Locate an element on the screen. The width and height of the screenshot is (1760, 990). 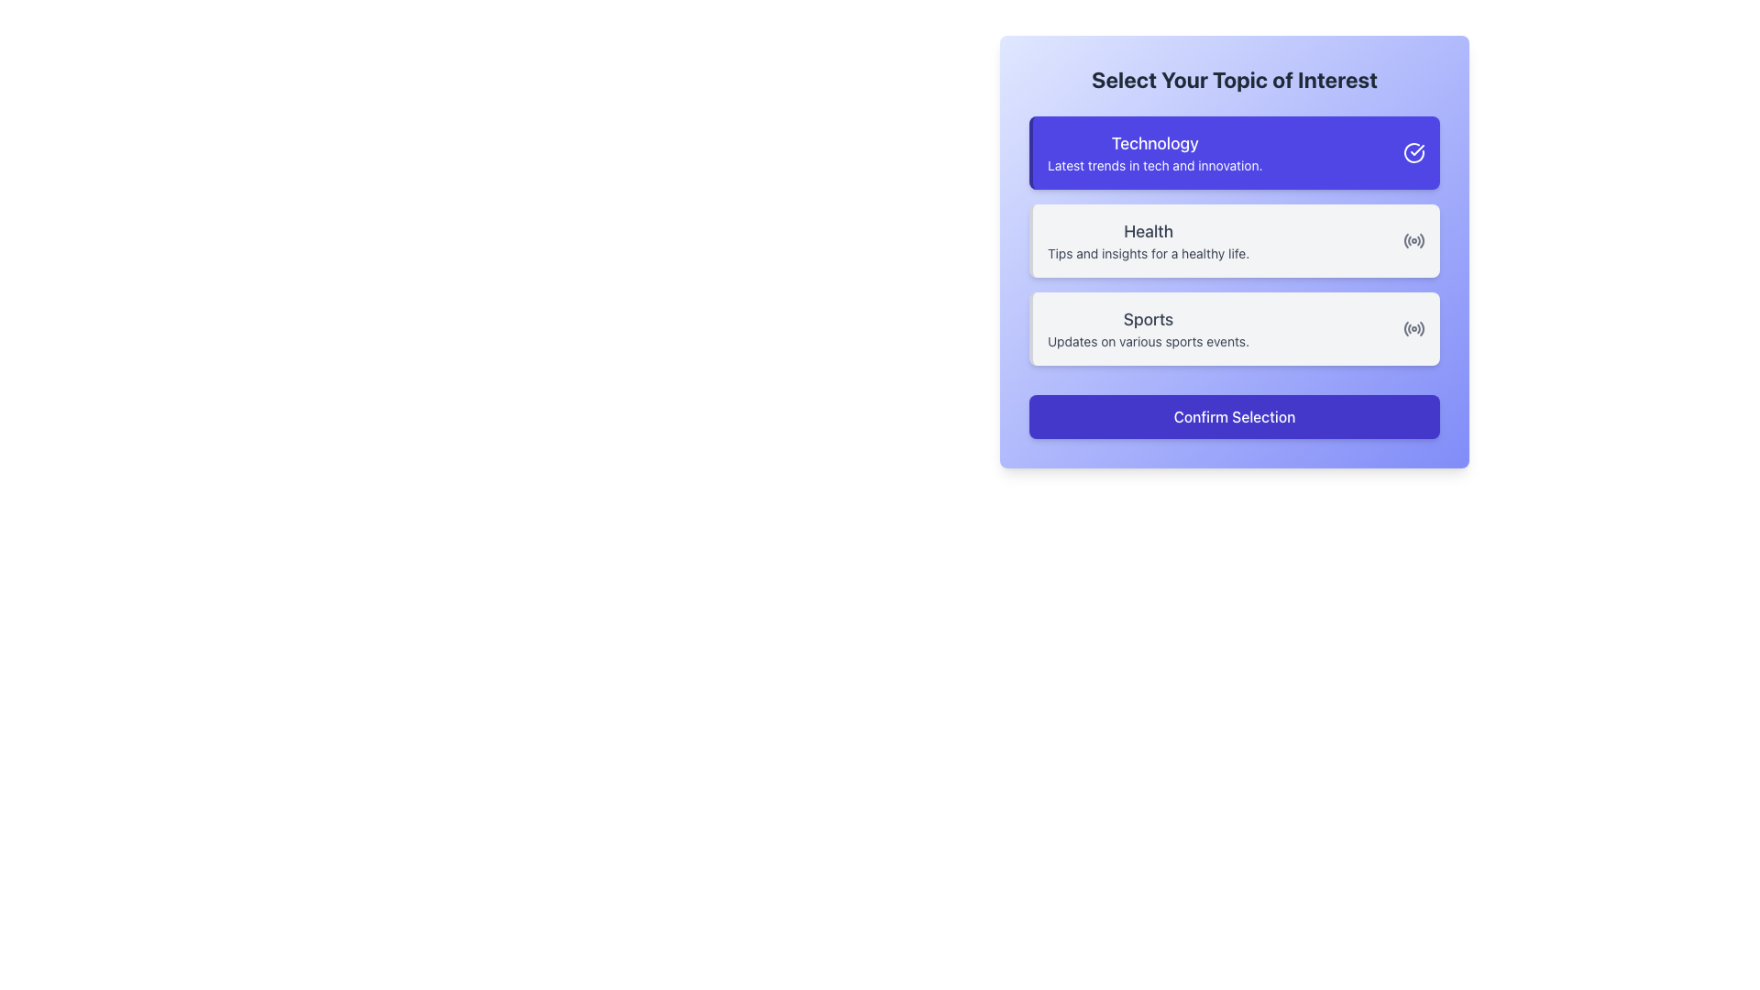
the text element reading 'Latest trends in tech and innovation.' which is located directly below the title 'Technology' in the purple card interface is located at coordinates (1154, 166).